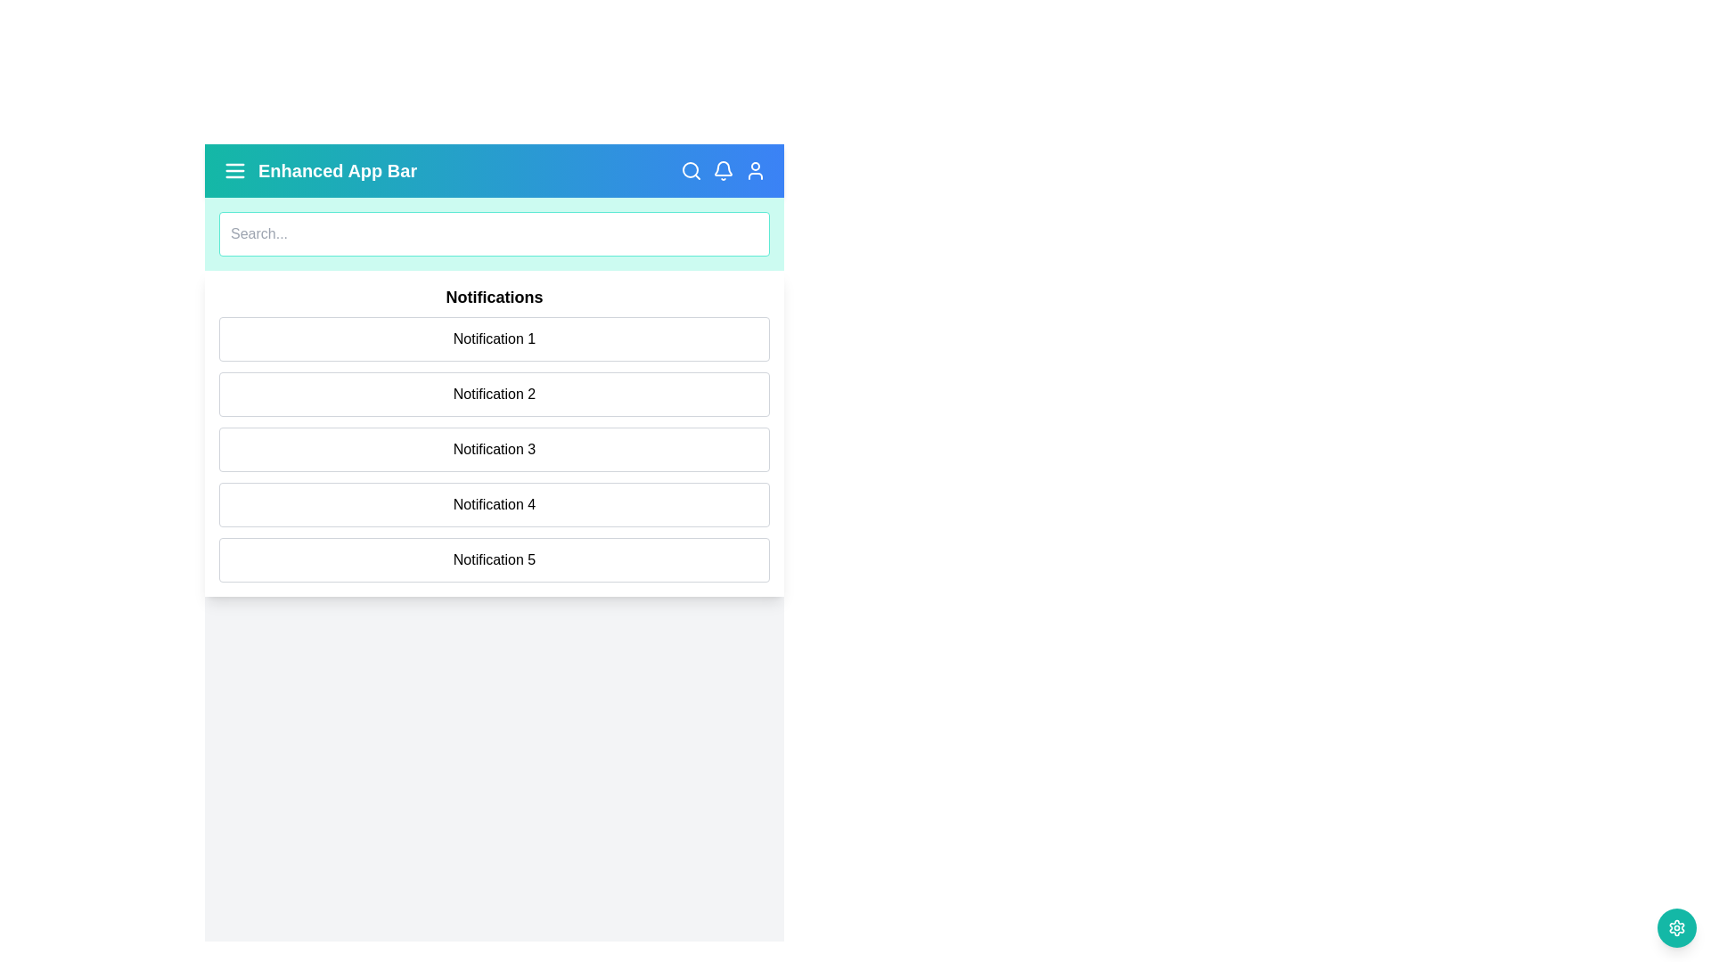 The image size is (1711, 962). Describe the element at coordinates (756, 171) in the screenshot. I see `the user icon located in the top right corner of the app bar` at that location.